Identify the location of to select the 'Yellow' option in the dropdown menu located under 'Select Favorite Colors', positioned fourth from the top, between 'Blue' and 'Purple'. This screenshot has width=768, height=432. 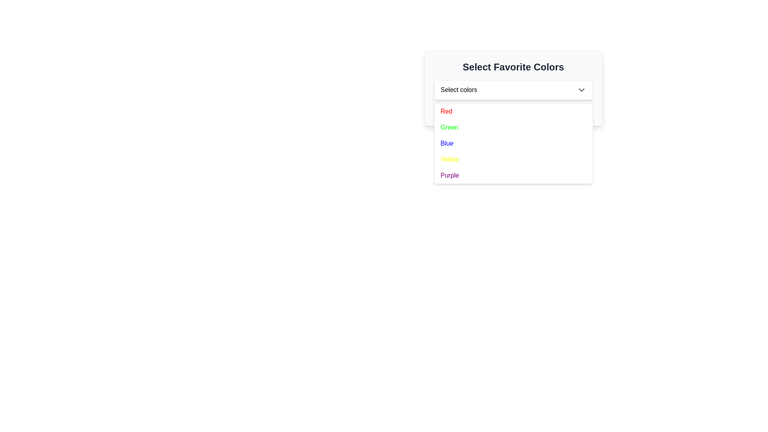
(450, 159).